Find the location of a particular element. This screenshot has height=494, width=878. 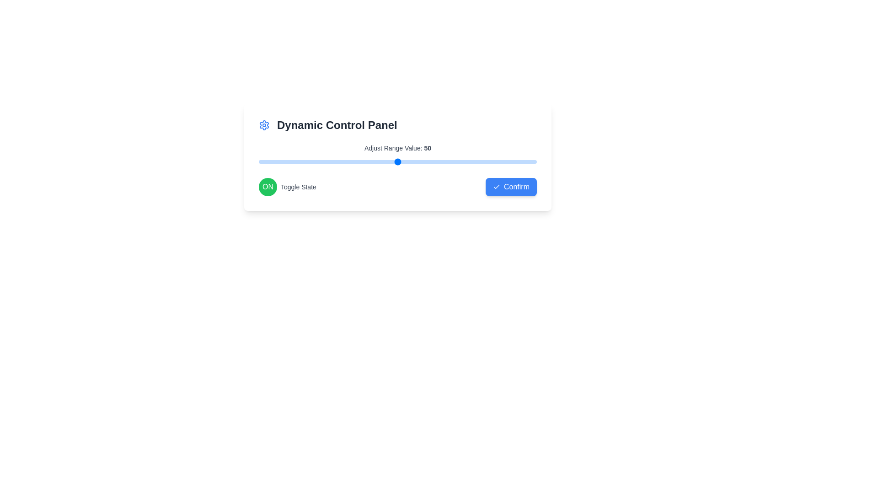

the blue gear-shaped icon located to the left of the text 'Dynamic Control Panel' is located at coordinates (263, 125).